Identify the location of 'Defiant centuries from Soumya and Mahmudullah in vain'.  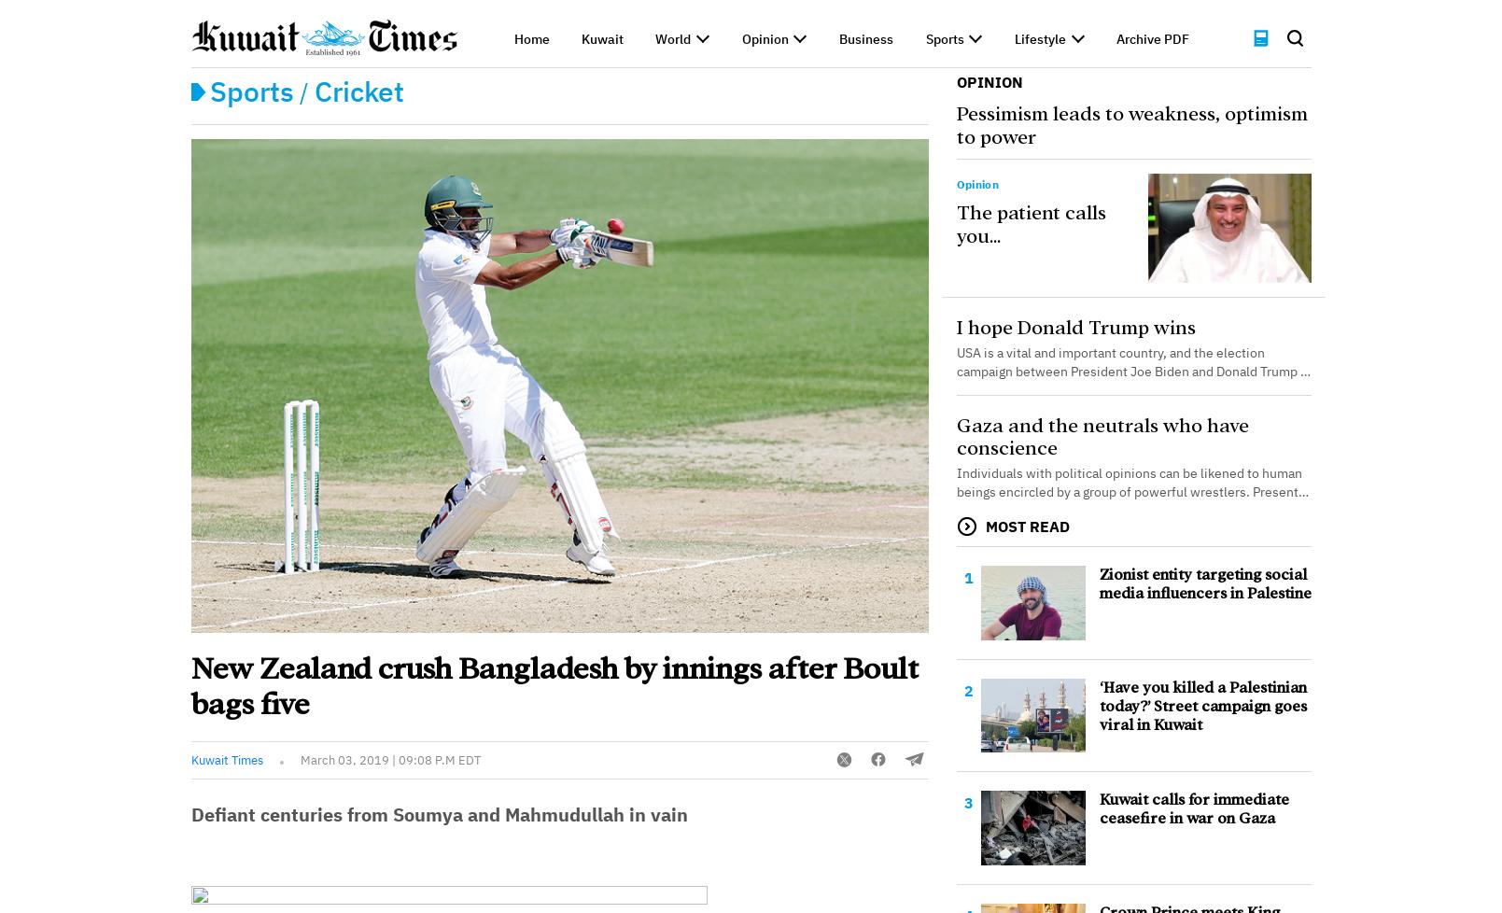
(438, 813).